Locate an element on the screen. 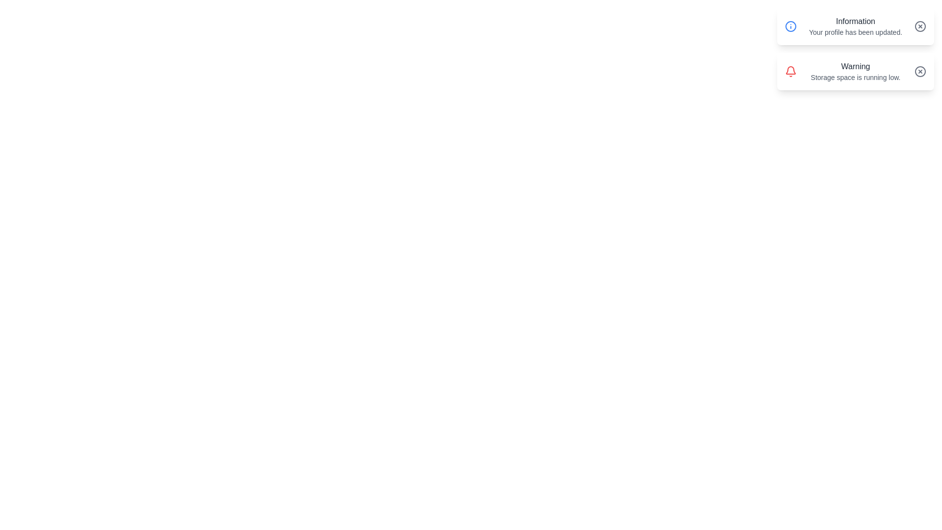  the status message text label that indicates successful profile information update, located below the 'Information' title in the notification block at the top right corner of the UI is located at coordinates (855, 31).